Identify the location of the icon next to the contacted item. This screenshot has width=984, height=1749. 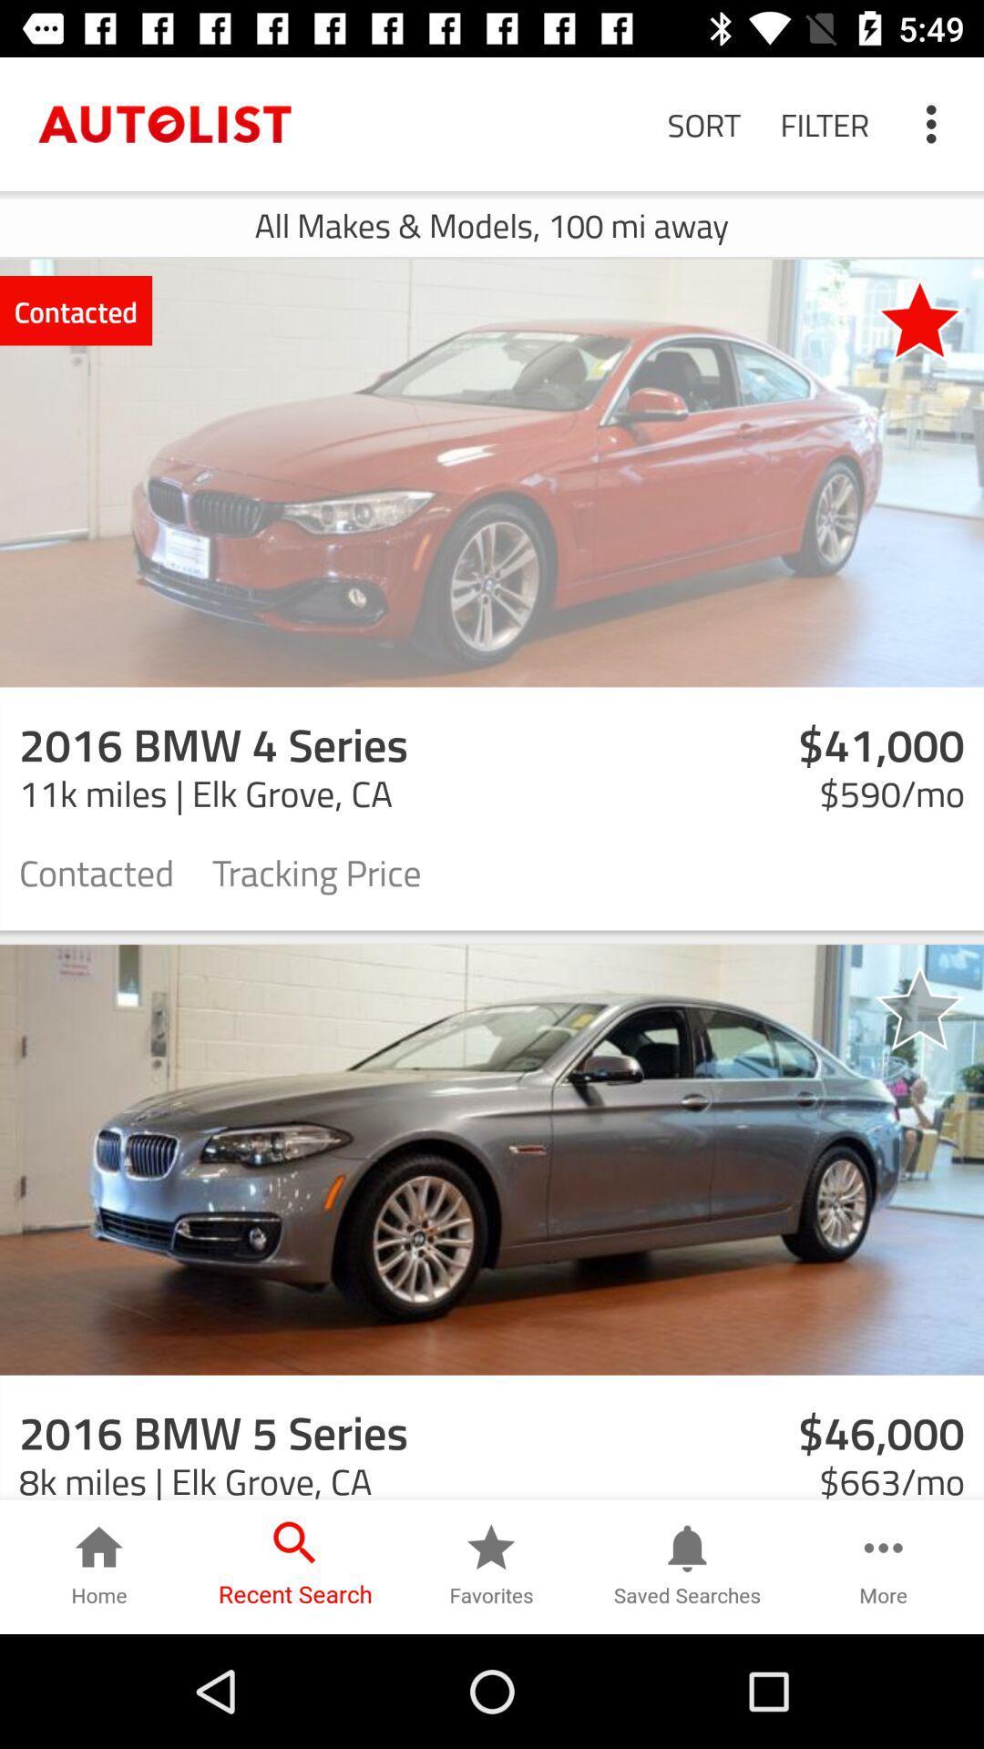
(919, 319).